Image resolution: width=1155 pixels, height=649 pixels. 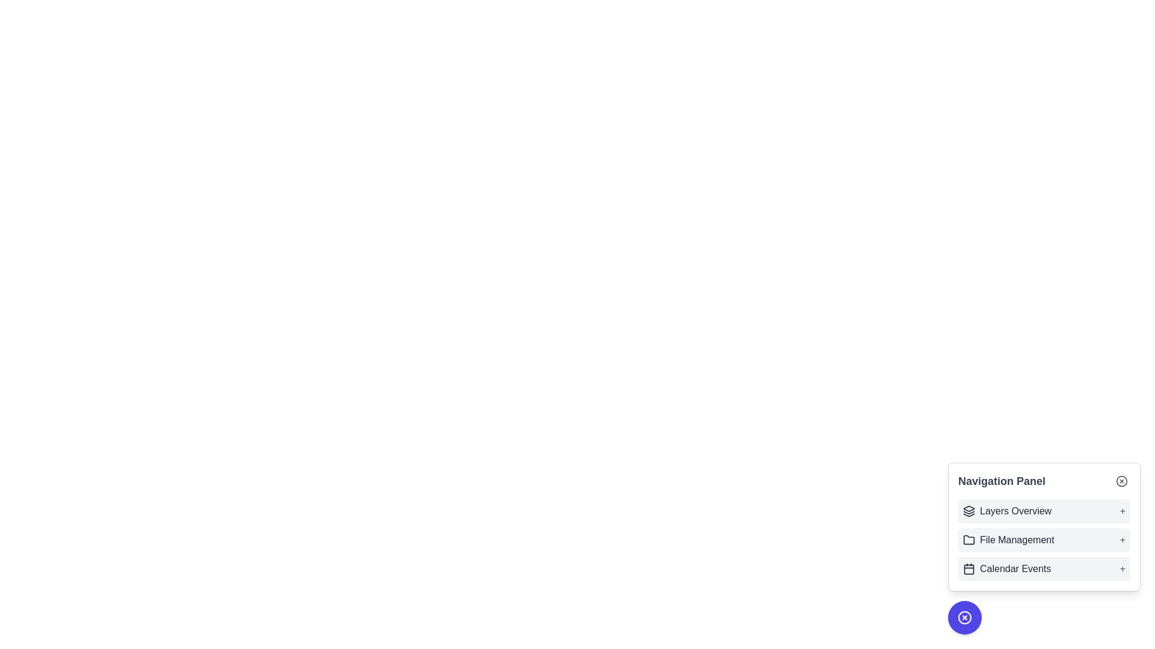 I want to click on the calendar icon located to the left of the 'Calendar Events' text, so click(x=969, y=568).